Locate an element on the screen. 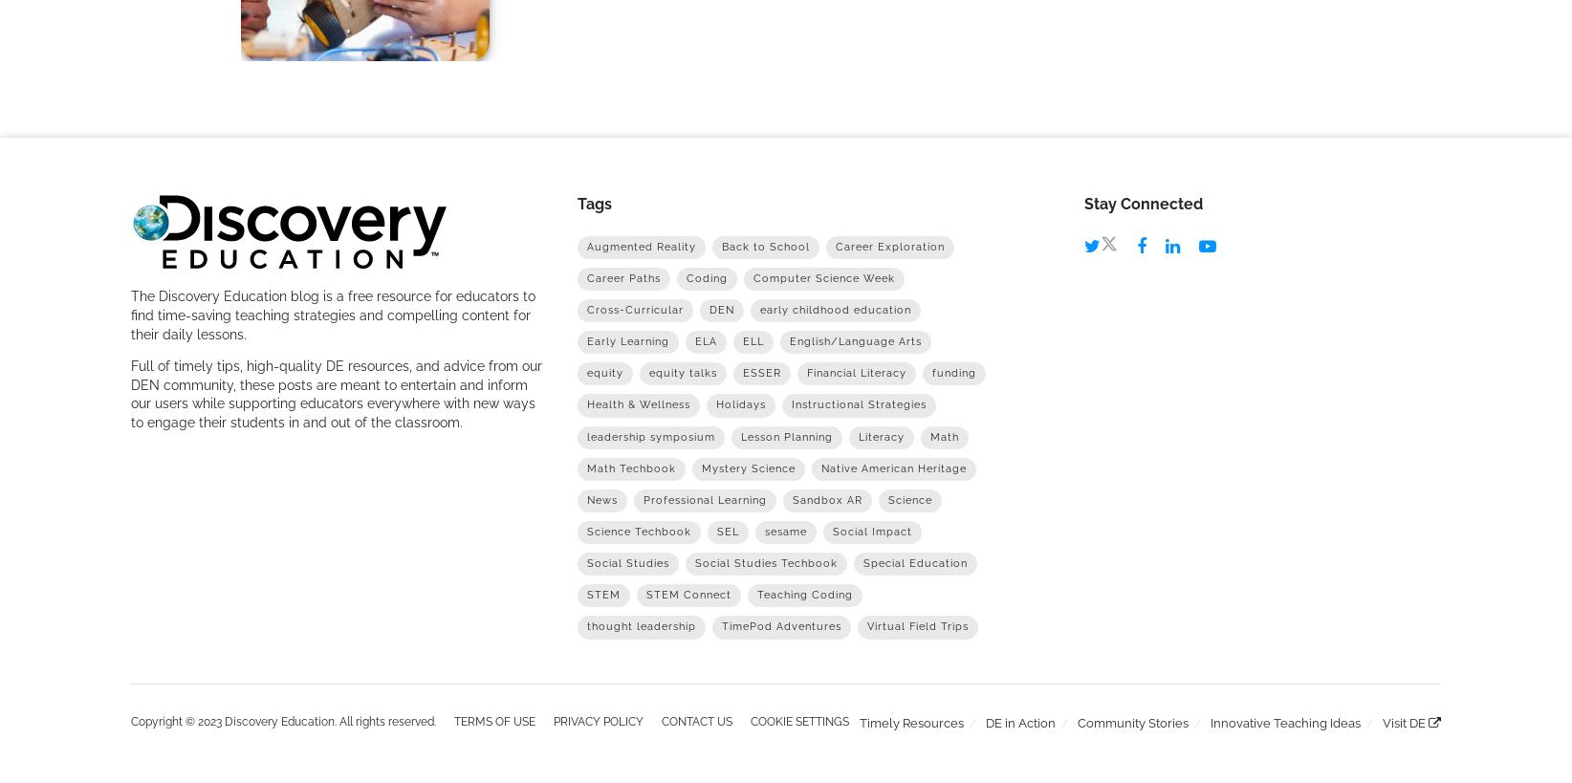  'STEM' is located at coordinates (602, 594).